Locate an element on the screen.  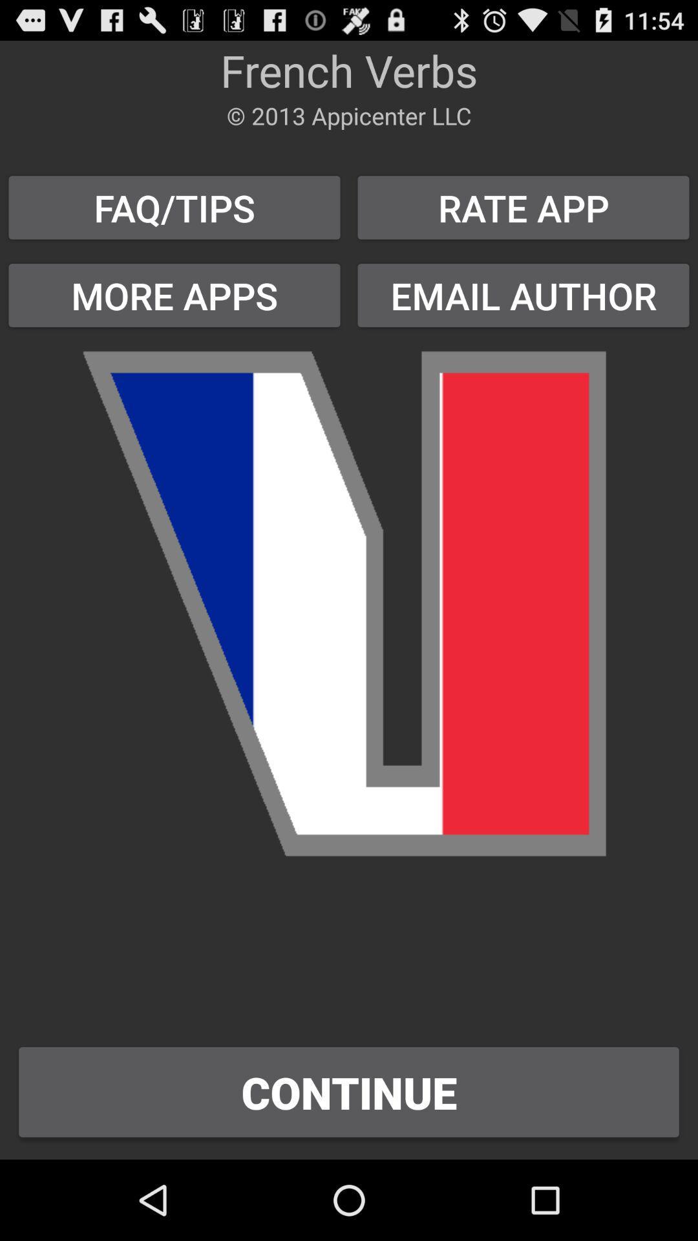
the rate app button is located at coordinates (523, 207).